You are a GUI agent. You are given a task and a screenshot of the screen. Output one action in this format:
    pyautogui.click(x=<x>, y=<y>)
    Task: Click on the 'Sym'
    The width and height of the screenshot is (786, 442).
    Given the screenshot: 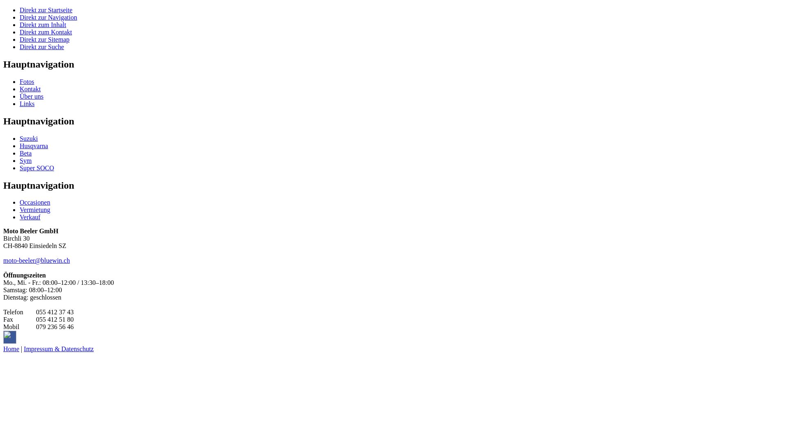 What is the action you would take?
    pyautogui.click(x=25, y=160)
    